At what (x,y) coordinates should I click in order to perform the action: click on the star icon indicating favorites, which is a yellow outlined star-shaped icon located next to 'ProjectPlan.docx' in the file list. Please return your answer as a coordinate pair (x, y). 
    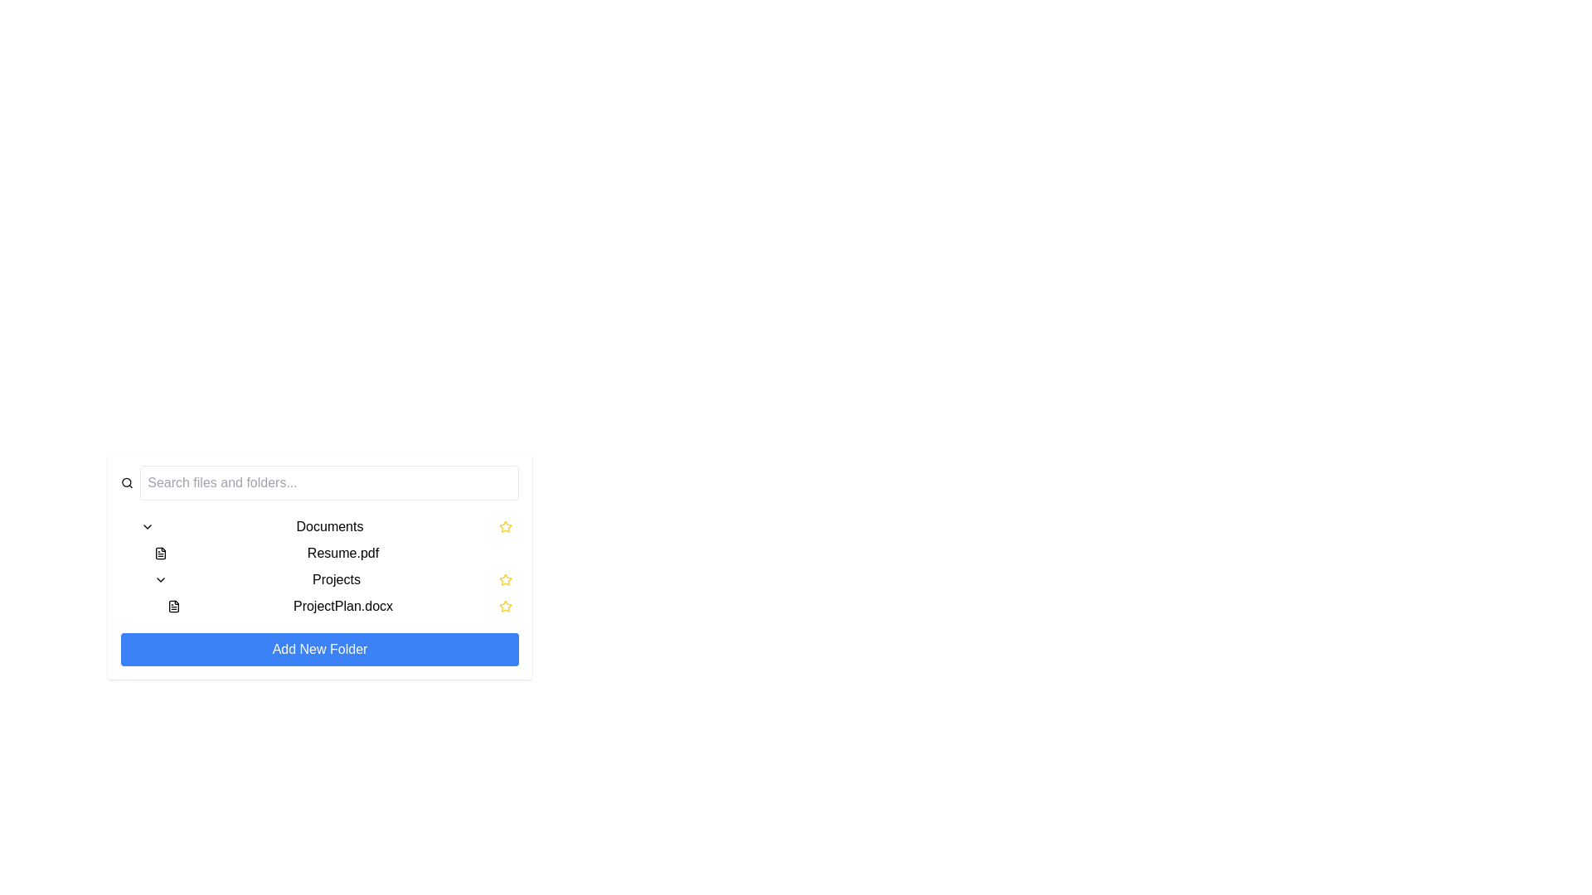
    Looking at the image, I should click on (504, 607).